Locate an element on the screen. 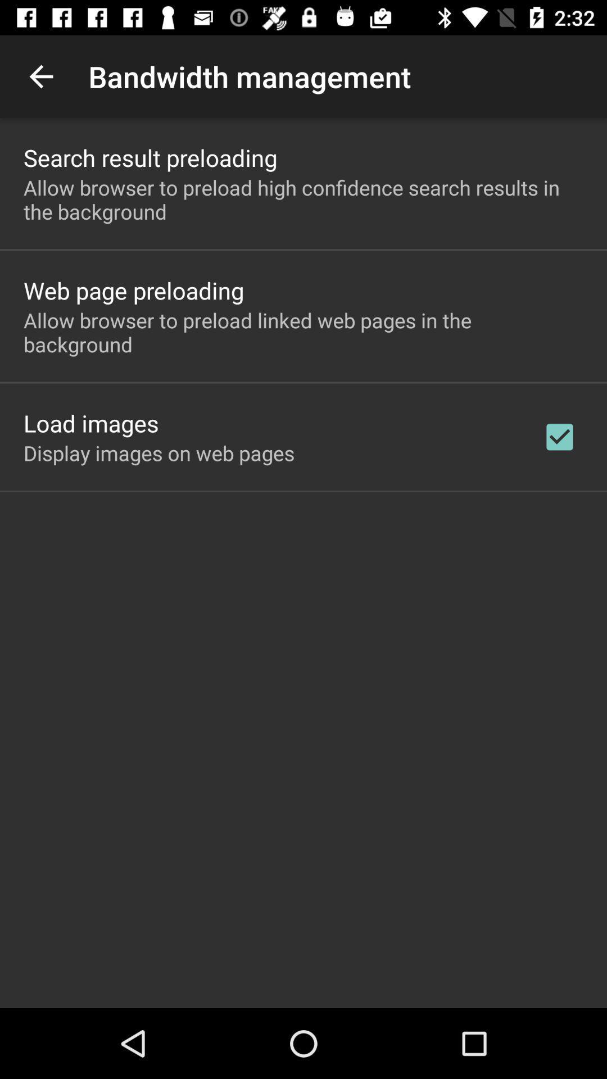  the item on the right is located at coordinates (559, 436).